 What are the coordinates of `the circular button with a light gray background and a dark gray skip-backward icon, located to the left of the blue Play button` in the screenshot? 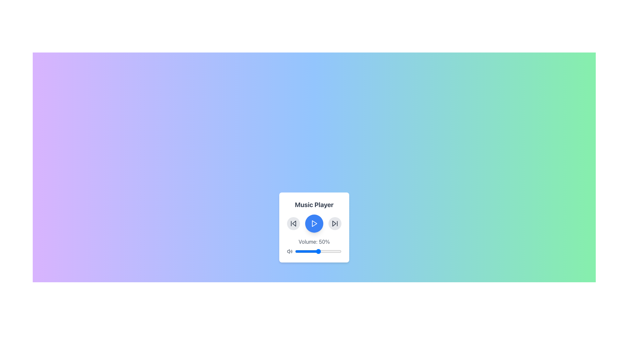 It's located at (293, 223).